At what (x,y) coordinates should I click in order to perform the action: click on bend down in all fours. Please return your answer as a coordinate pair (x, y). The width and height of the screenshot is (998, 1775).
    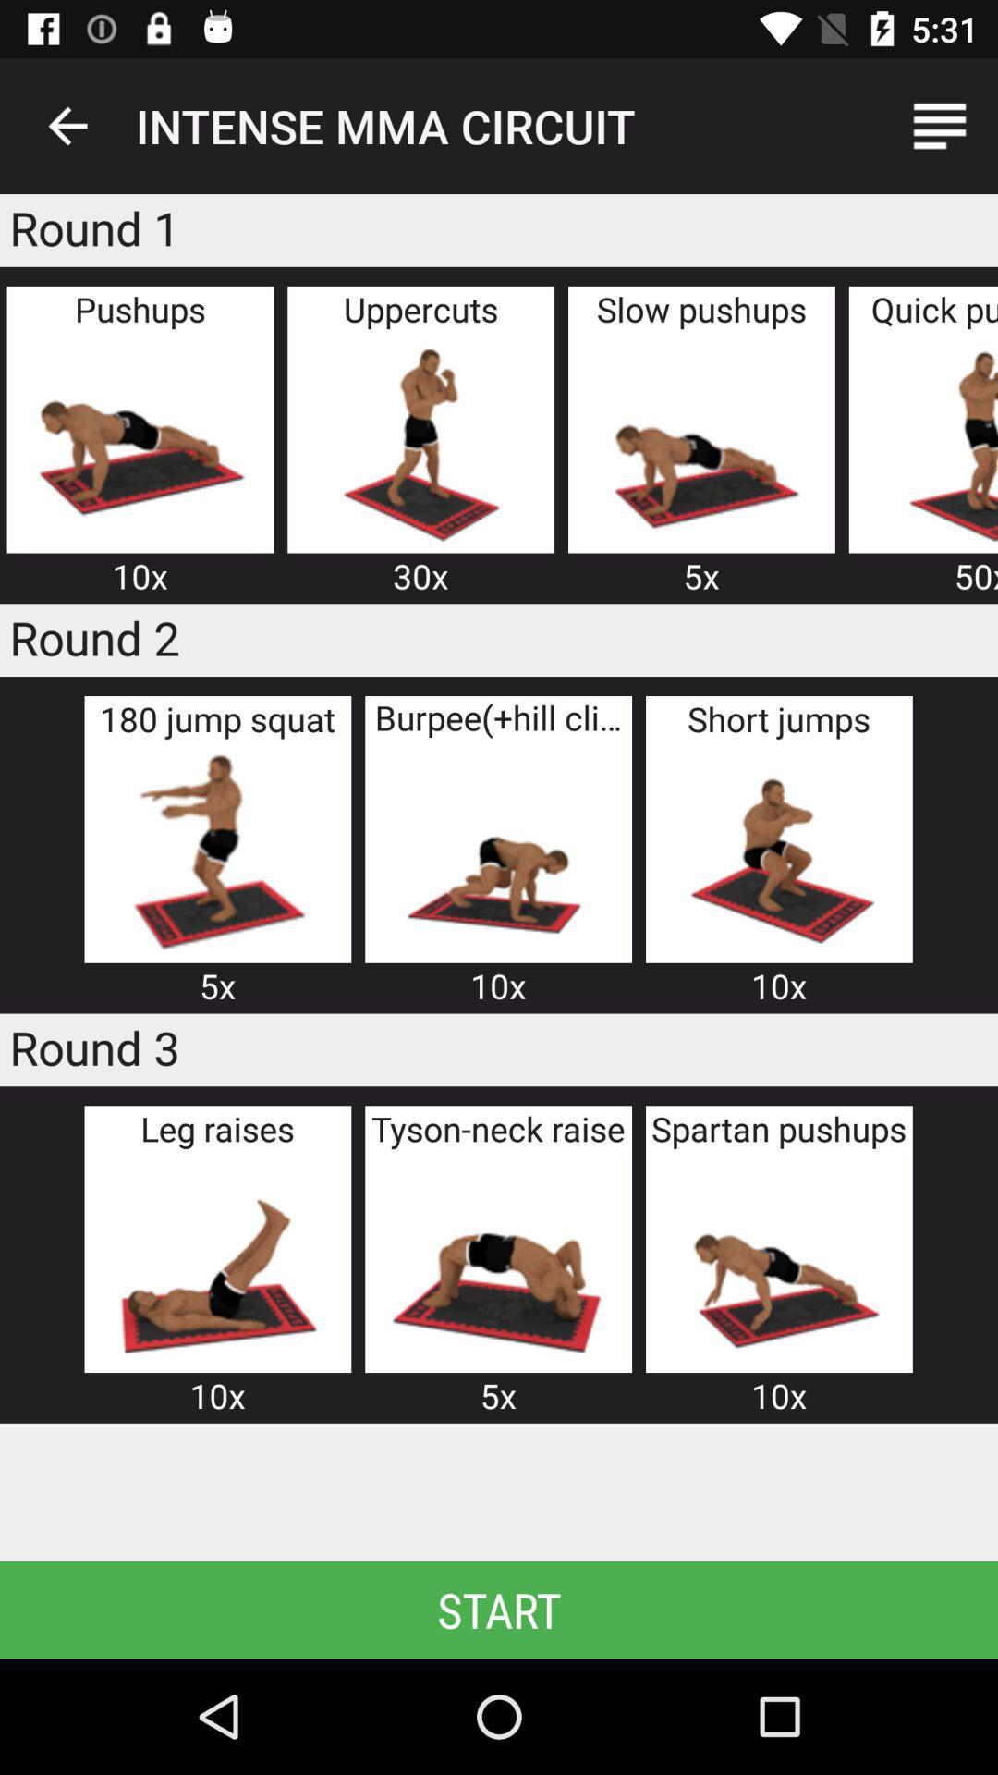
    Looking at the image, I should click on (497, 851).